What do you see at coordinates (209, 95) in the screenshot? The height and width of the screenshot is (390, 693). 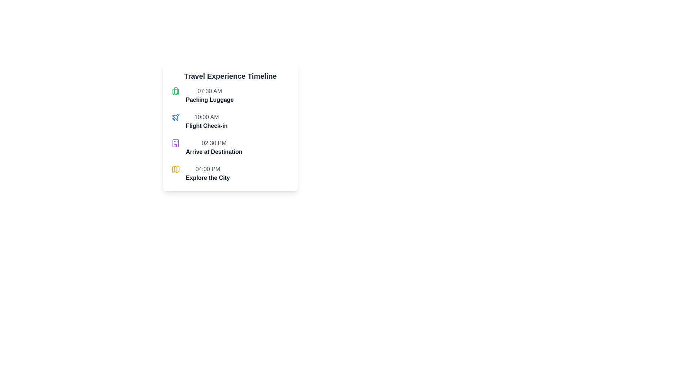 I see `the Text Display element that shows the schedule entry '07:30 AM Packing Luggage' in the 'Travel Experience Timeline' section` at bounding box center [209, 95].